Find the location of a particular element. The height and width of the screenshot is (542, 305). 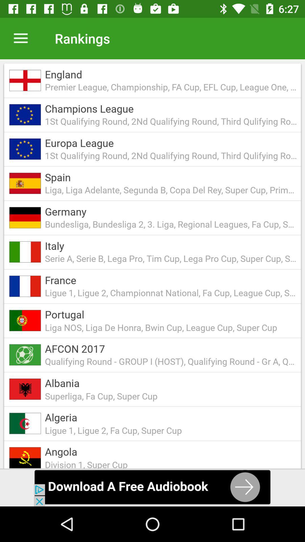

advertisemant is located at coordinates (152, 488).